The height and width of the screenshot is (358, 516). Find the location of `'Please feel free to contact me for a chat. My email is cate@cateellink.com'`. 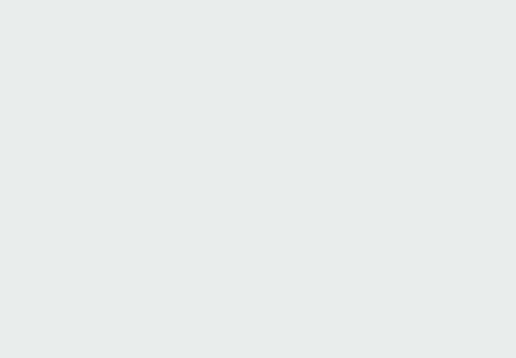

'Please feel free to contact me for a chat. My email is cate@cateellink.com' is located at coordinates (14, 240).